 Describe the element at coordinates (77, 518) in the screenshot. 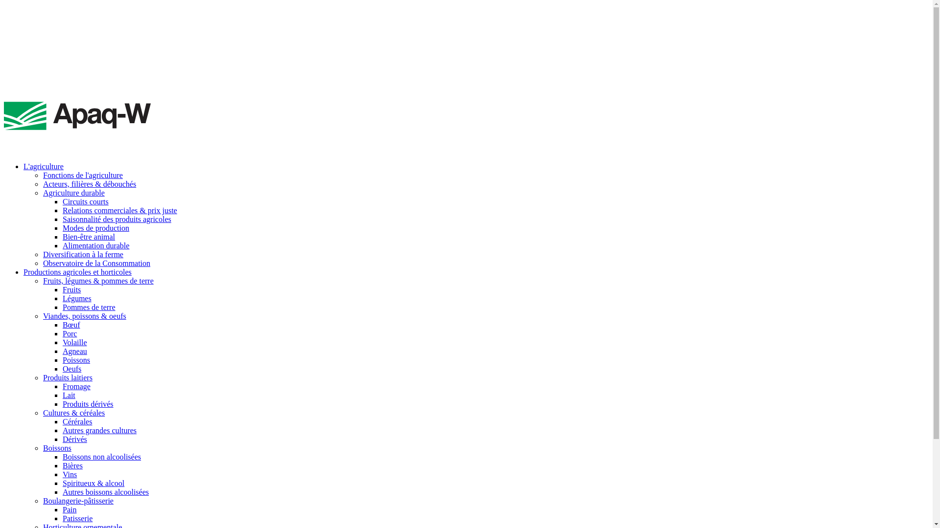

I see `'Patisserie'` at that location.